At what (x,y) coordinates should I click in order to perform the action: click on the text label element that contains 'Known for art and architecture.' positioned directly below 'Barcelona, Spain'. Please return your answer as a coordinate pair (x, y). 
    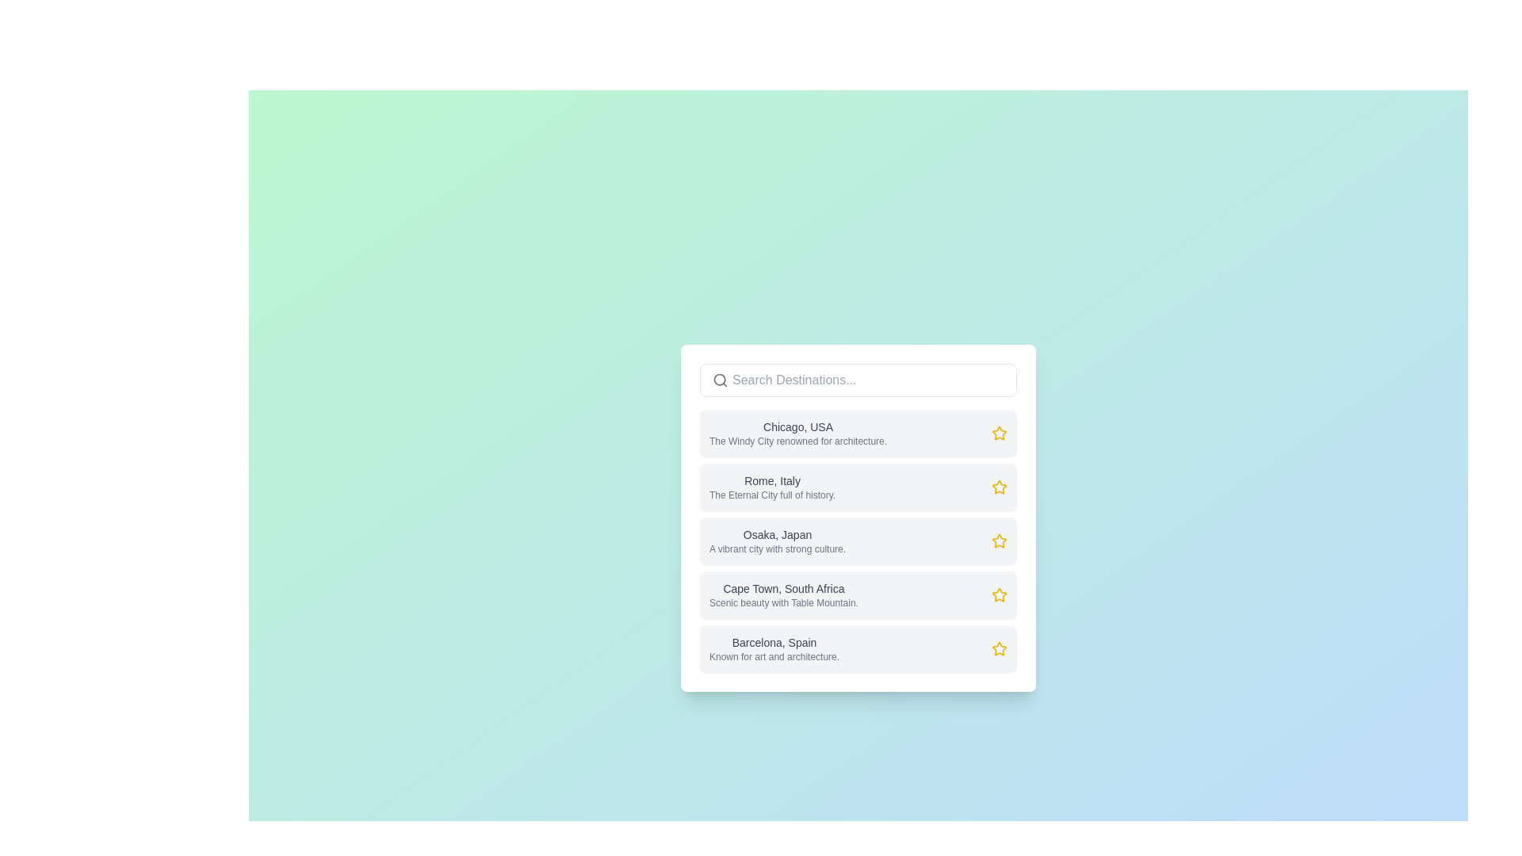
    Looking at the image, I should click on (774, 657).